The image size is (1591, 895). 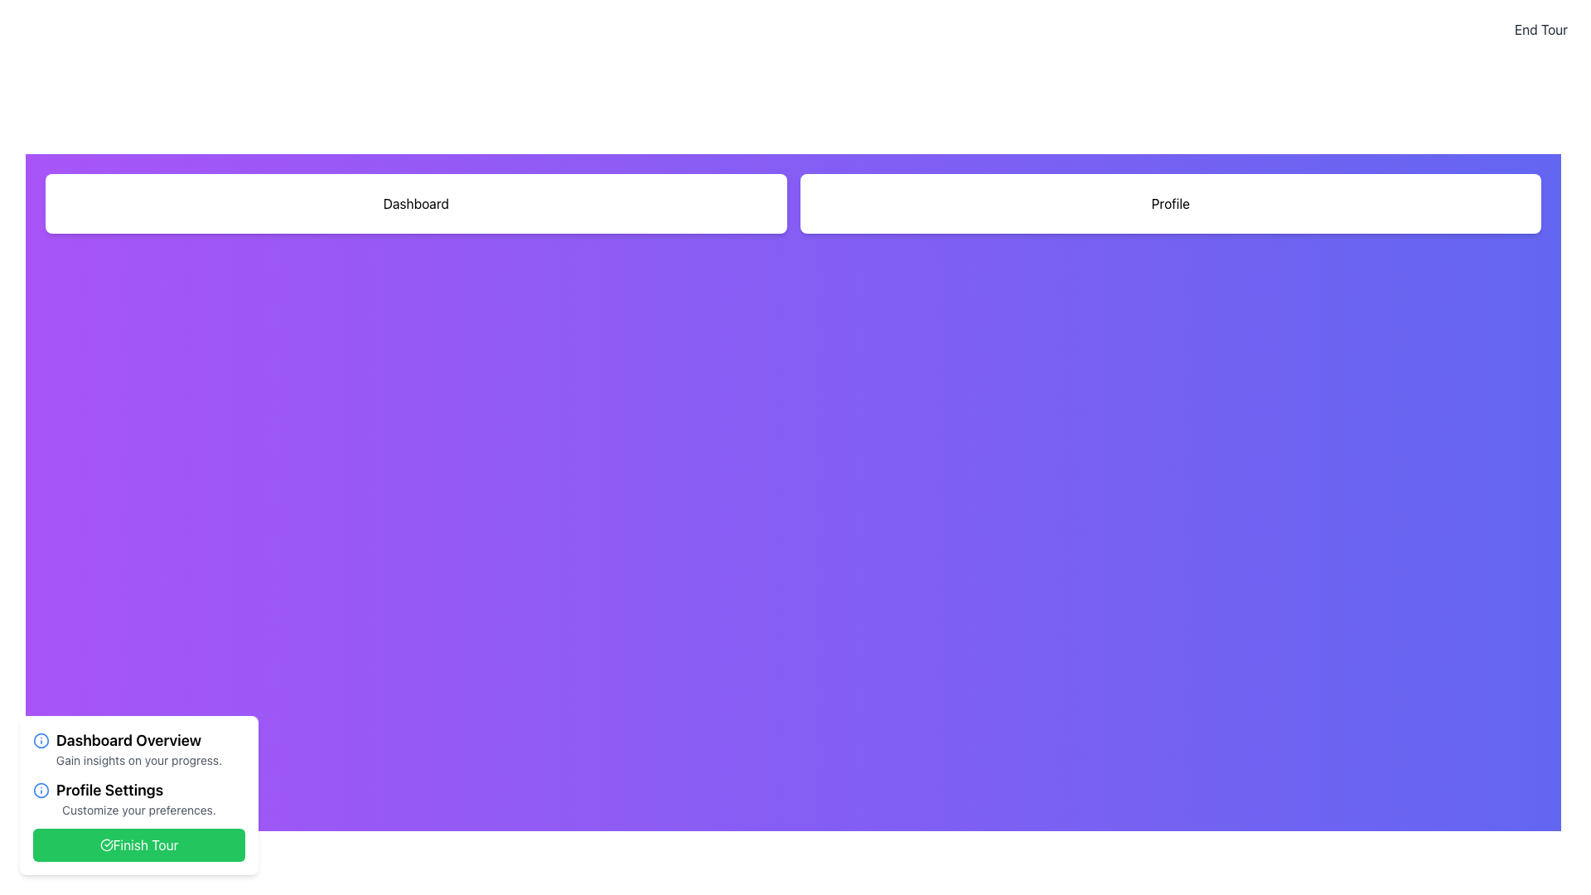 I want to click on the 'Profile Settings' label, which is styled in bold typography and accompanied by a small circular blue icon with a white 'i' symbol, so click(x=139, y=789).